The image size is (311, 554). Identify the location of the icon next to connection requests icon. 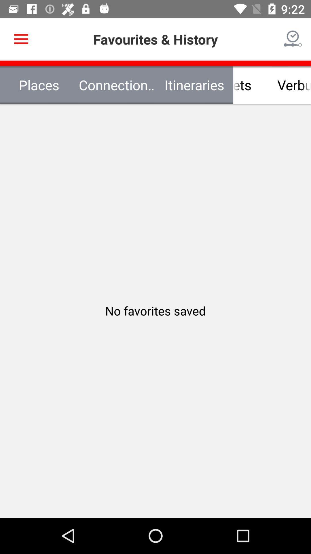
(21, 39).